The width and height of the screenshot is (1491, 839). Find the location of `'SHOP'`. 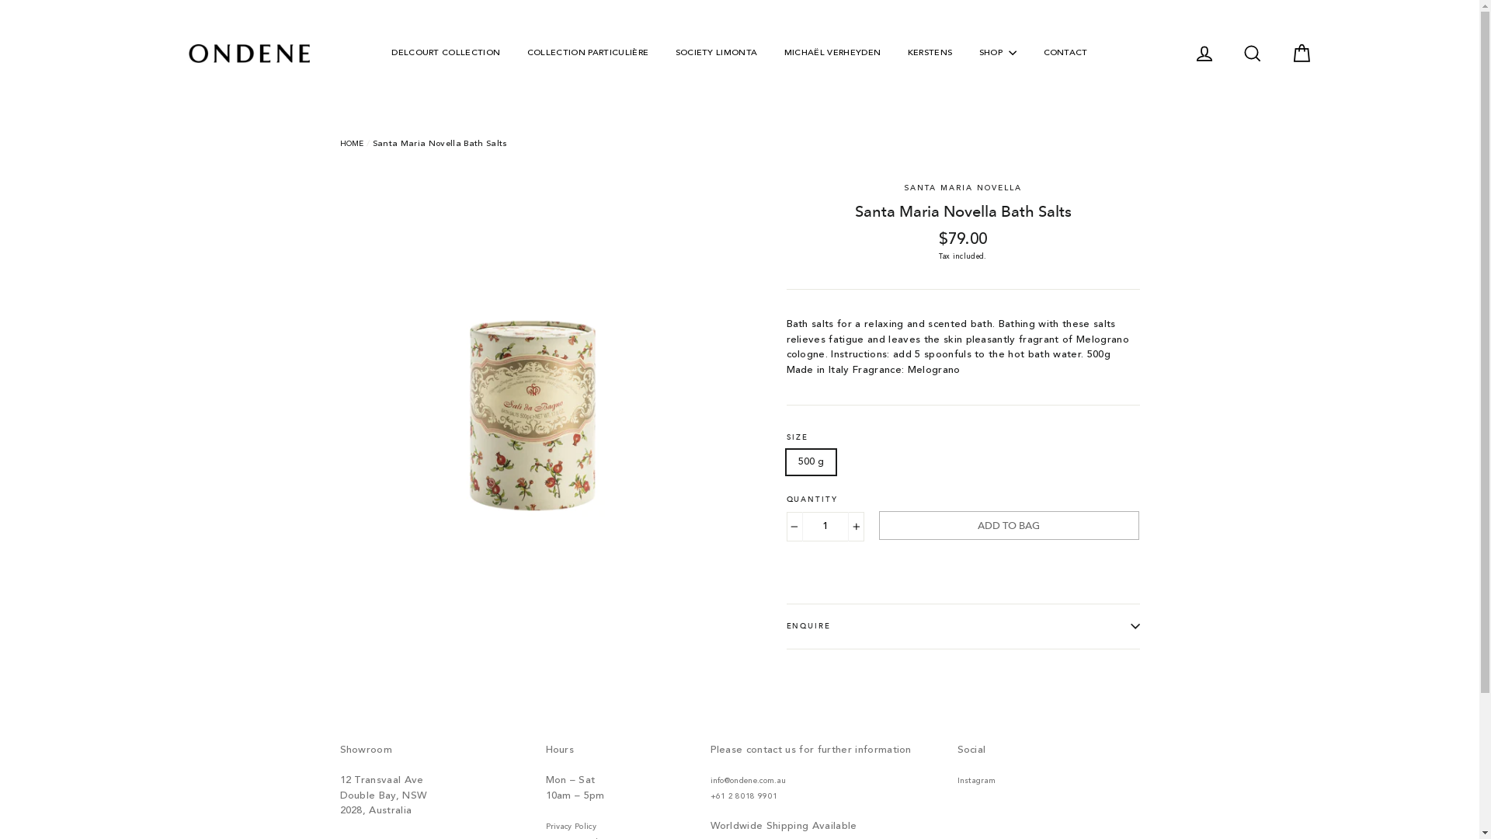

'SHOP' is located at coordinates (998, 53).